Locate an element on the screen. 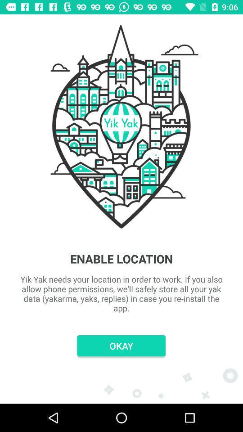 This screenshot has height=432, width=243. okay is located at coordinates (121, 345).